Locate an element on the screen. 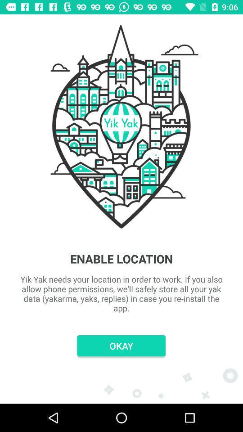 This screenshot has height=432, width=243. okay is located at coordinates (121, 345).